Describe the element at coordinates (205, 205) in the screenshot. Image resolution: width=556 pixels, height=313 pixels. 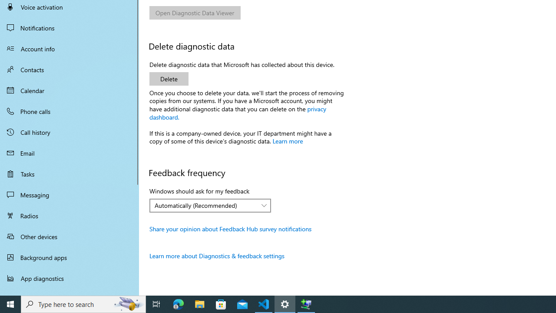
I see `'Automatically (Recommended)'` at that location.